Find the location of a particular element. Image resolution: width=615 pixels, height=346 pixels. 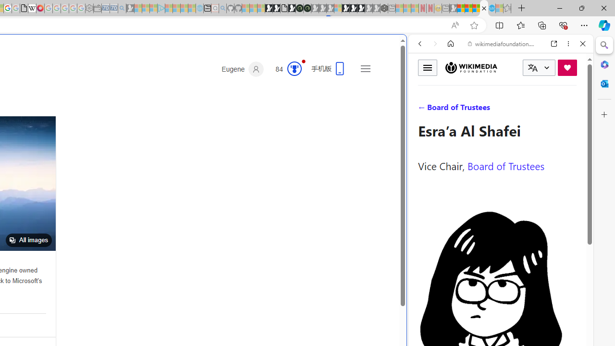

'Home | Sky Blue Bikes - Sky Blue Bikes - Sleeping' is located at coordinates (199, 8).